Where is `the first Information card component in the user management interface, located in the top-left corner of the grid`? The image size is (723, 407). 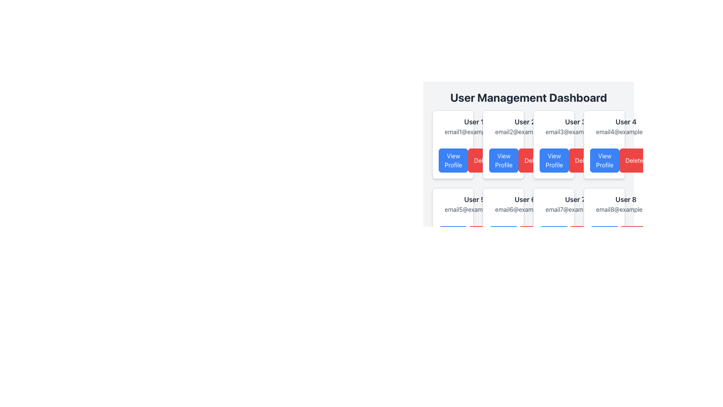
the first Information card component in the user management interface, located in the top-left corner of the grid is located at coordinates (453, 145).